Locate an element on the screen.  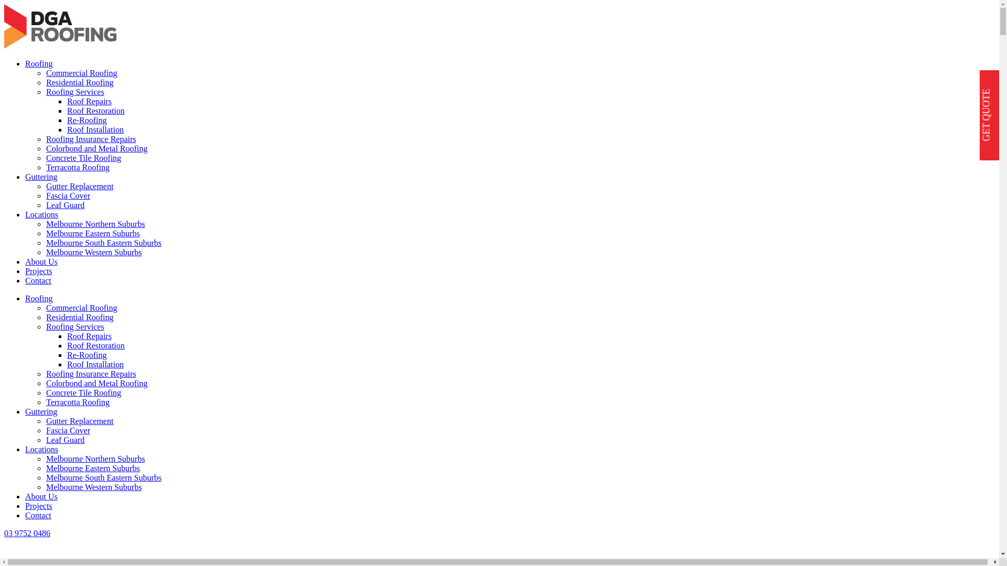
'Contact' is located at coordinates (38, 280).